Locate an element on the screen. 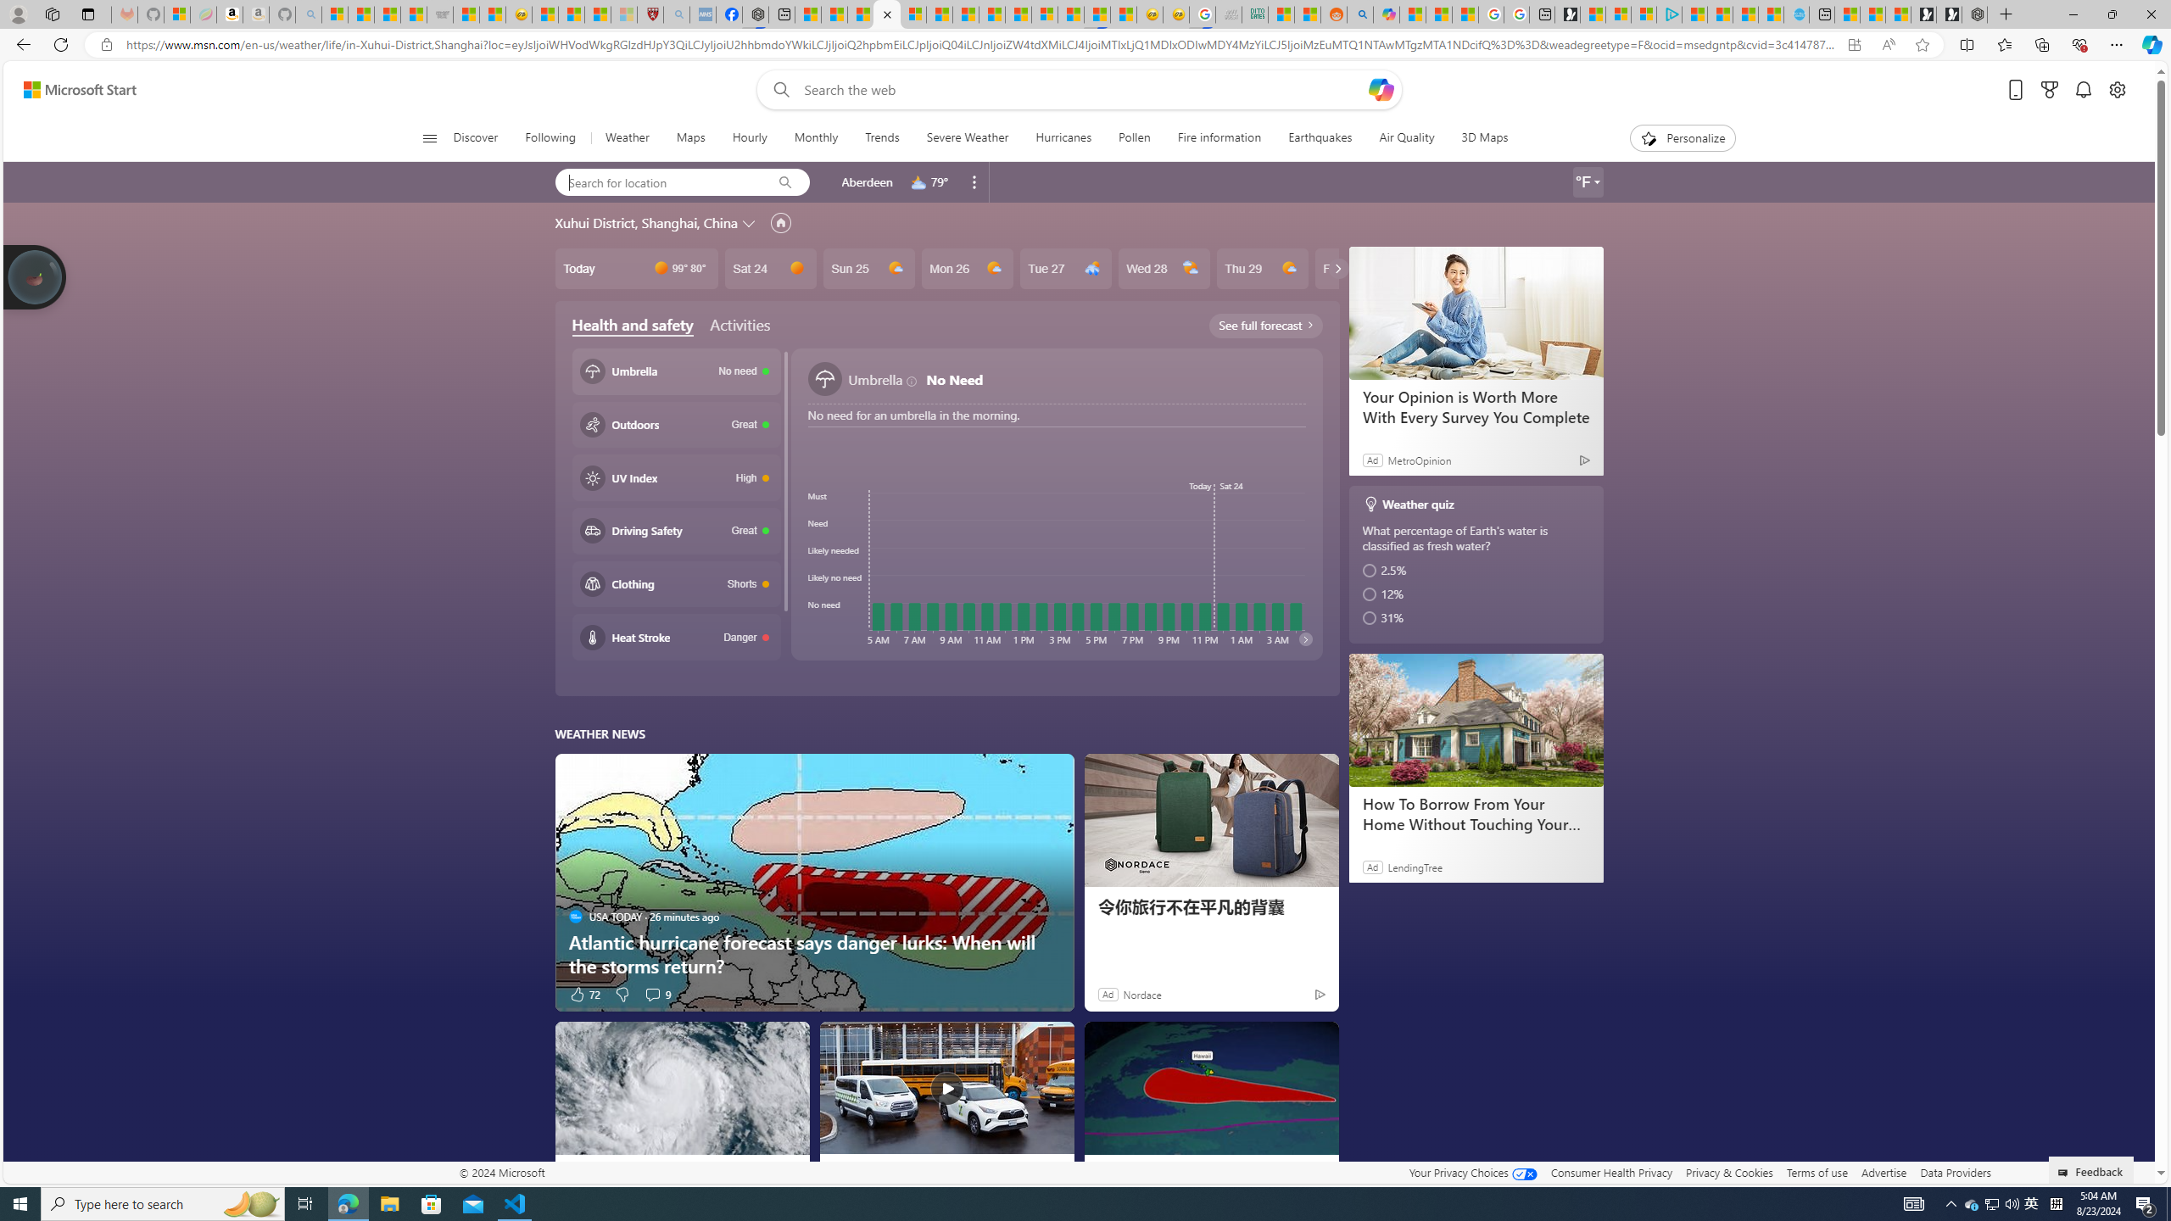  'The Weather Channel' is located at coordinates (1102, 1170).